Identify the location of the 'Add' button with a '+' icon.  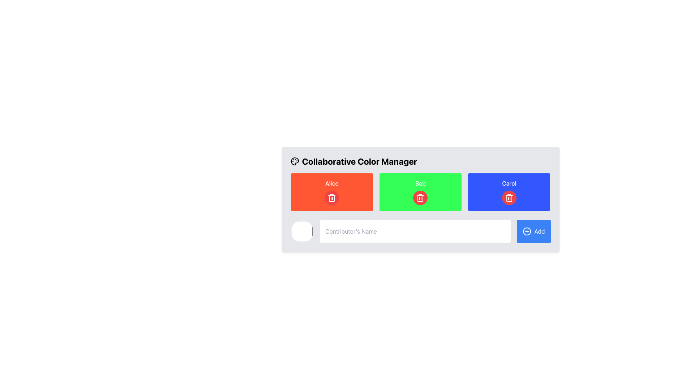
(534, 231).